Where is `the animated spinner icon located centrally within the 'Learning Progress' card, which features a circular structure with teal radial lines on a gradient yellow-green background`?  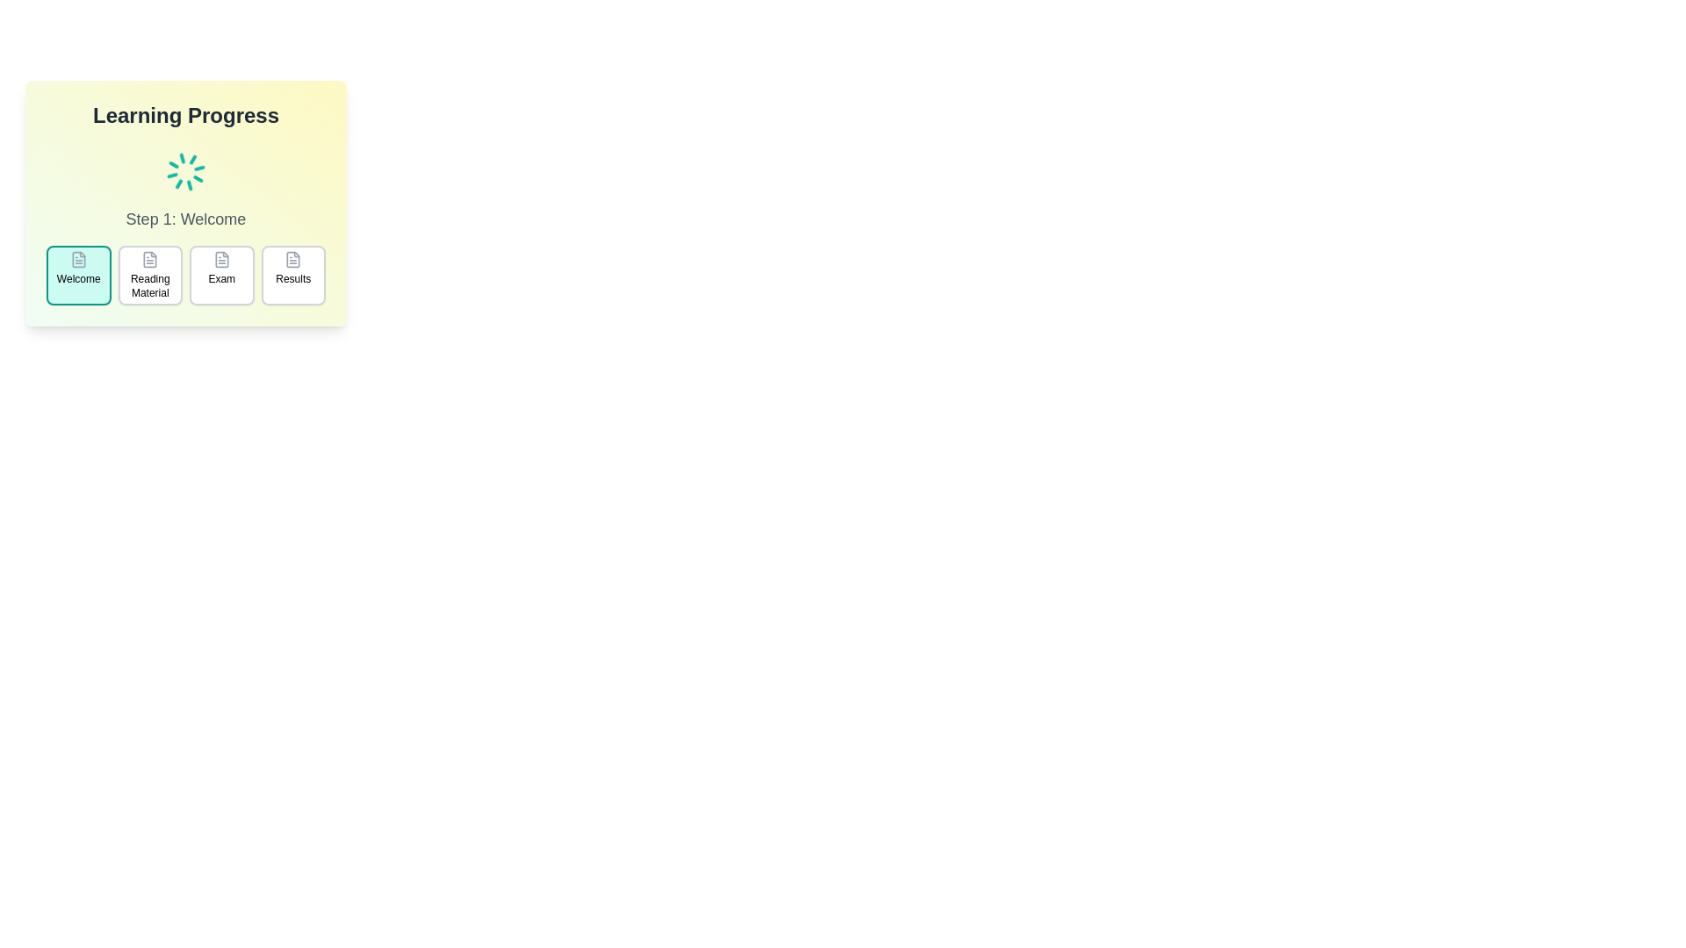 the animated spinner icon located centrally within the 'Learning Progress' card, which features a circular structure with teal radial lines on a gradient yellow-green background is located at coordinates (185, 172).